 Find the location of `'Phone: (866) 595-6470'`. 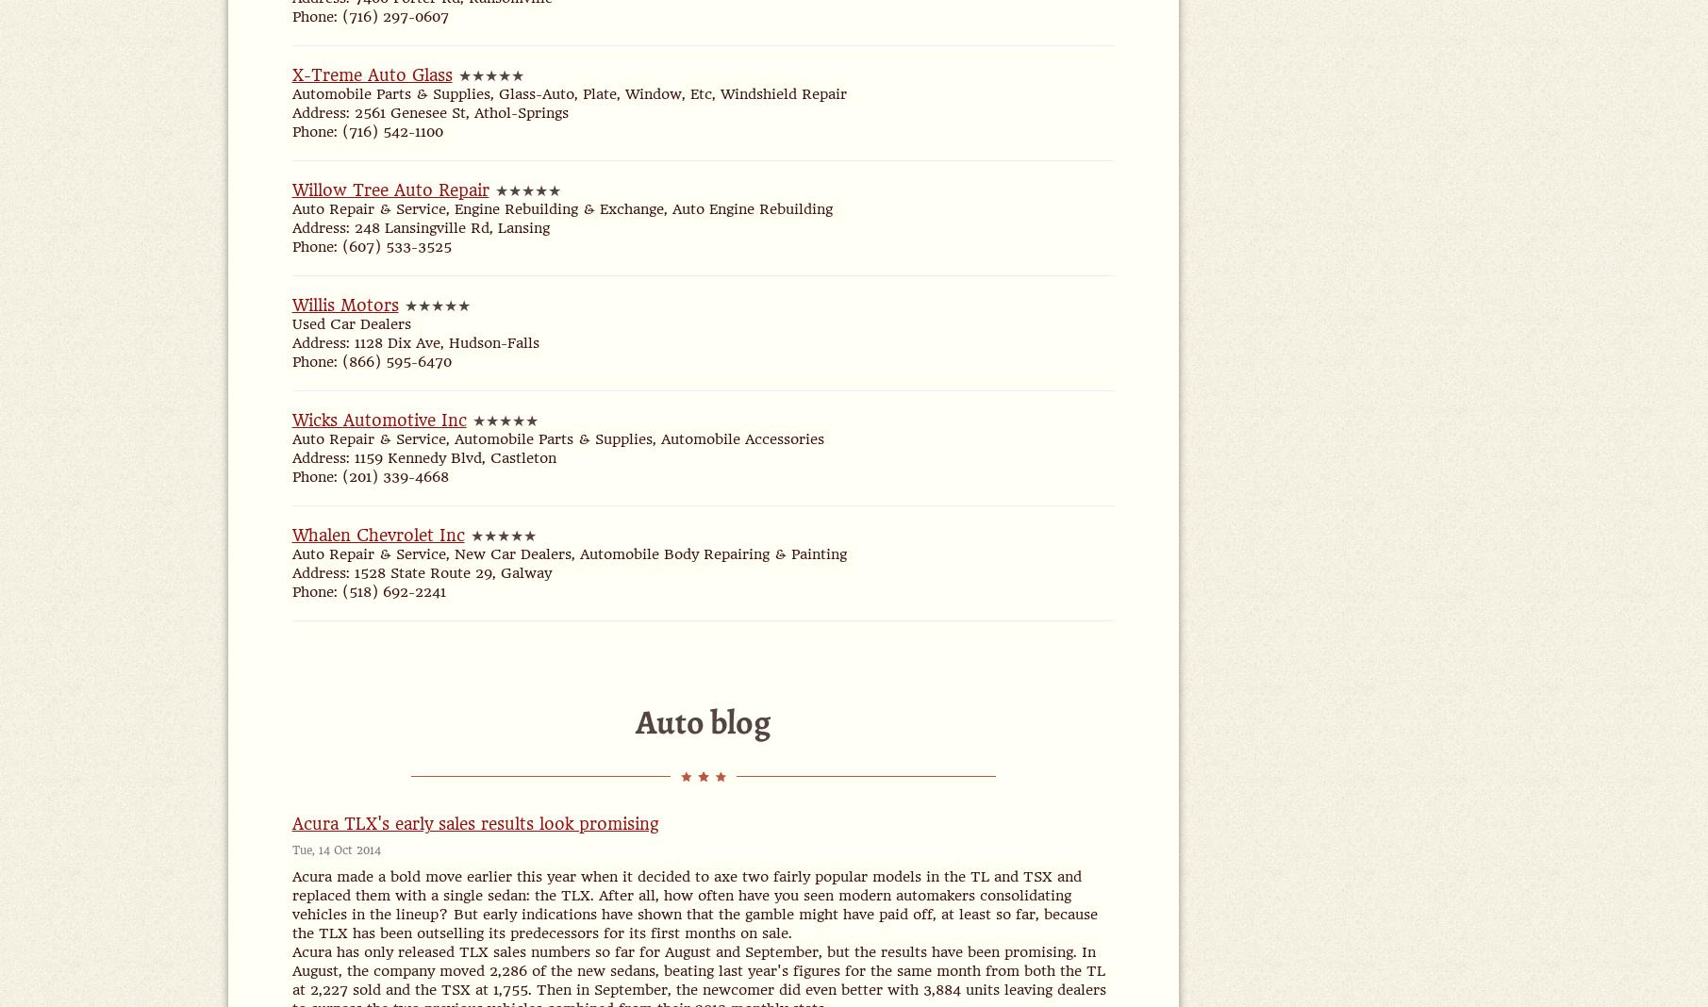

'Phone: (866) 595-6470' is located at coordinates (370, 361).